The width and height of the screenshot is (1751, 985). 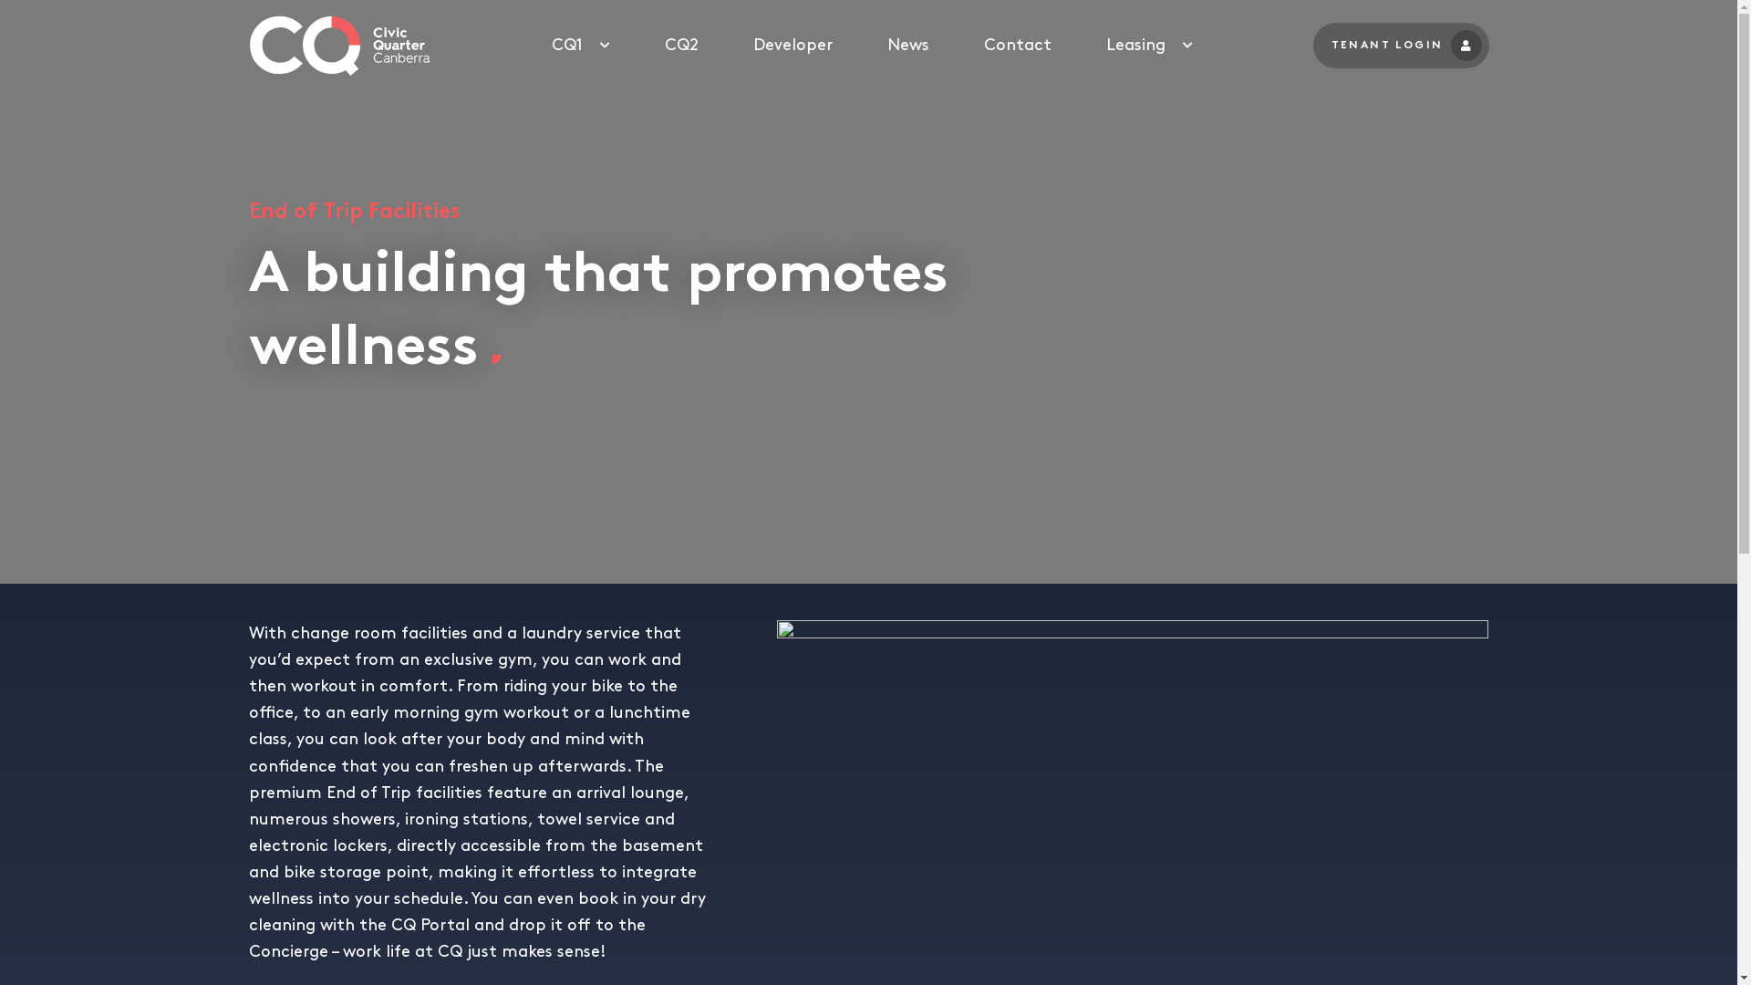 I want to click on 'TENANT LOGIN', so click(x=1400, y=45).